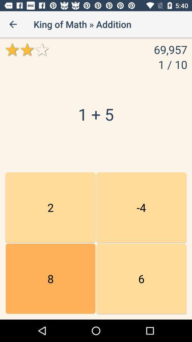 This screenshot has width=192, height=342. I want to click on the item next to the 15, so click(141, 207).